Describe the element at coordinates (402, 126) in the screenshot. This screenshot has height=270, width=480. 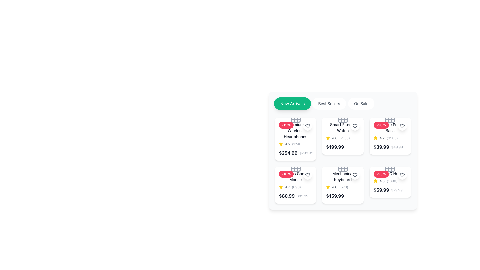
I see `the small heart-shaped icon located in the top-right corner of the white card interface representing the 'Portable Power Bank' product` at that location.